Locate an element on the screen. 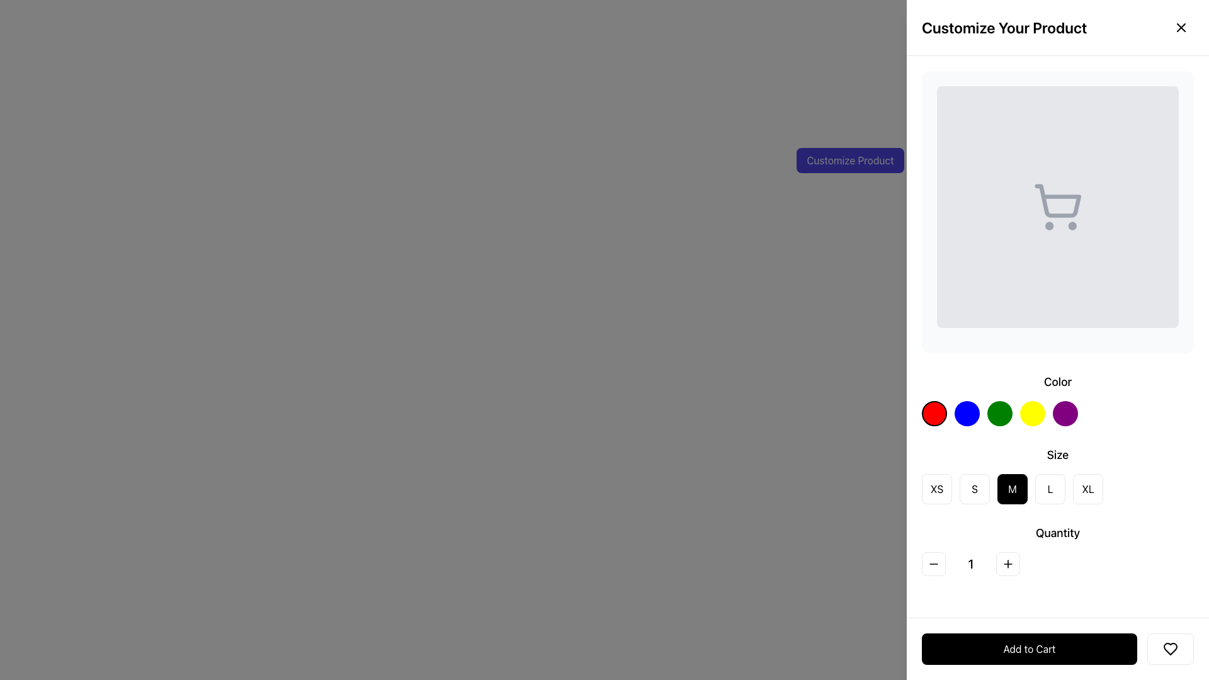 The image size is (1209, 680). the square button with a horizontal line icon, located below the 'Quantity' label and to the left of the quantity number, for keyboard interaction is located at coordinates (934, 563).